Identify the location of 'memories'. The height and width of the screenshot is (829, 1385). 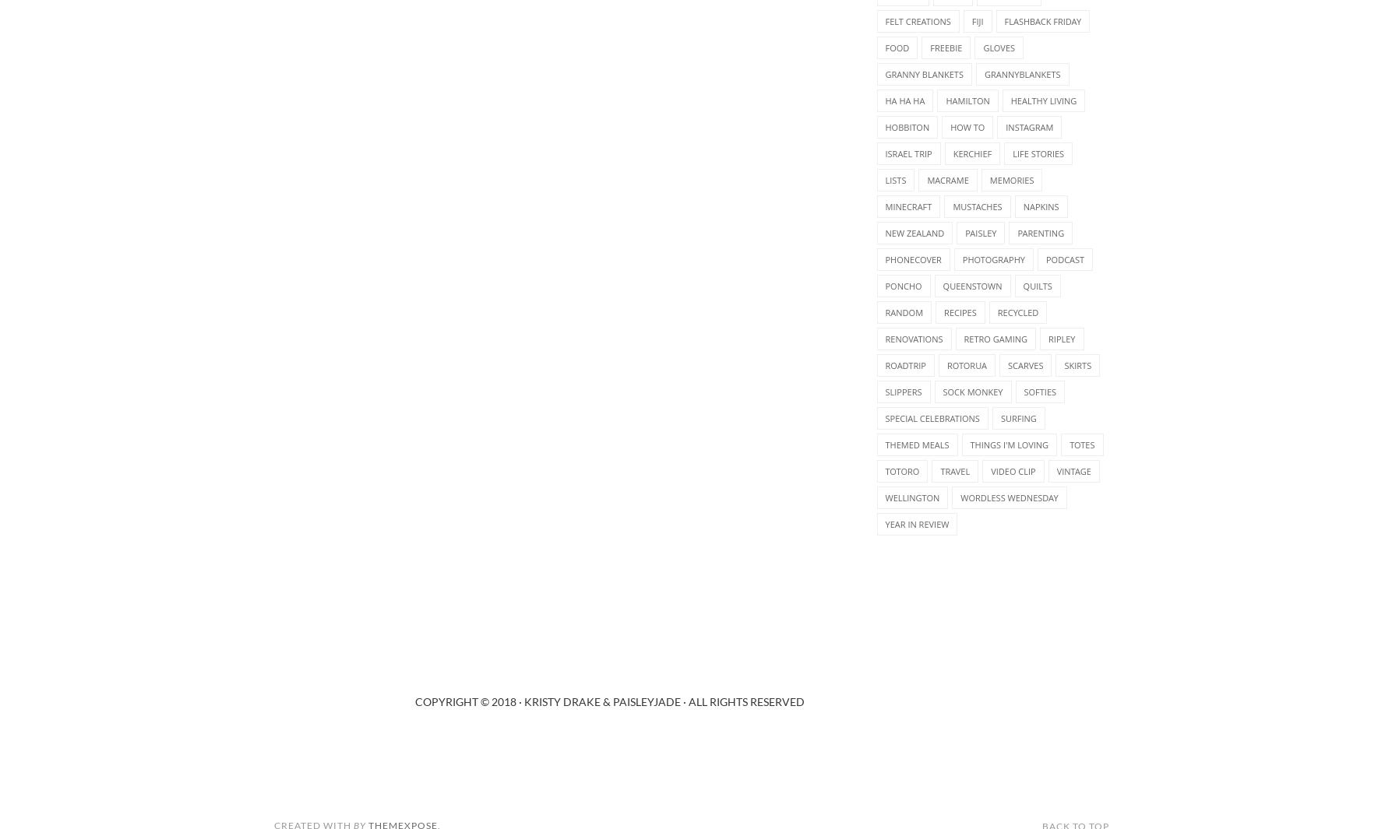
(1011, 179).